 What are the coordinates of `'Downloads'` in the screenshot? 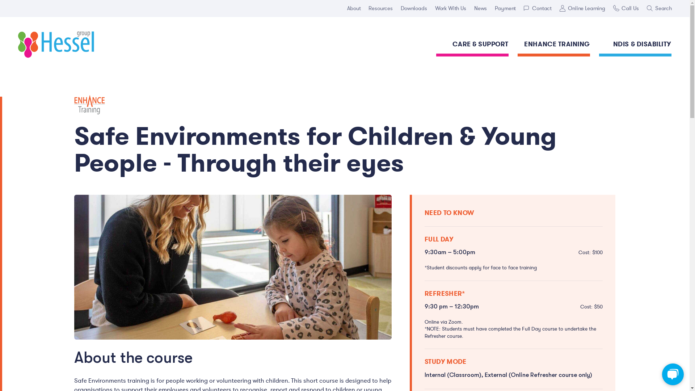 It's located at (414, 8).